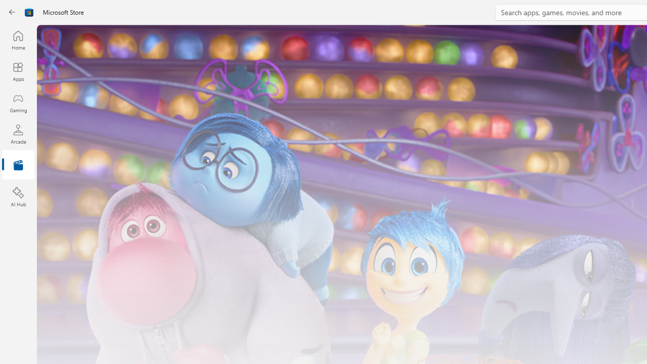 The height and width of the screenshot is (364, 647). What do you see at coordinates (18, 133) in the screenshot?
I see `'Arcade'` at bounding box center [18, 133].